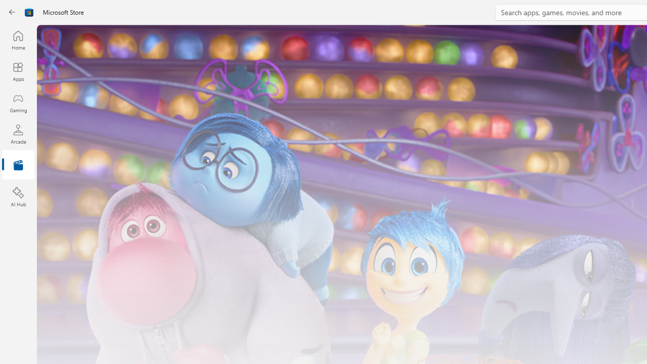 The height and width of the screenshot is (364, 647). What do you see at coordinates (18, 133) in the screenshot?
I see `'Arcade'` at bounding box center [18, 133].